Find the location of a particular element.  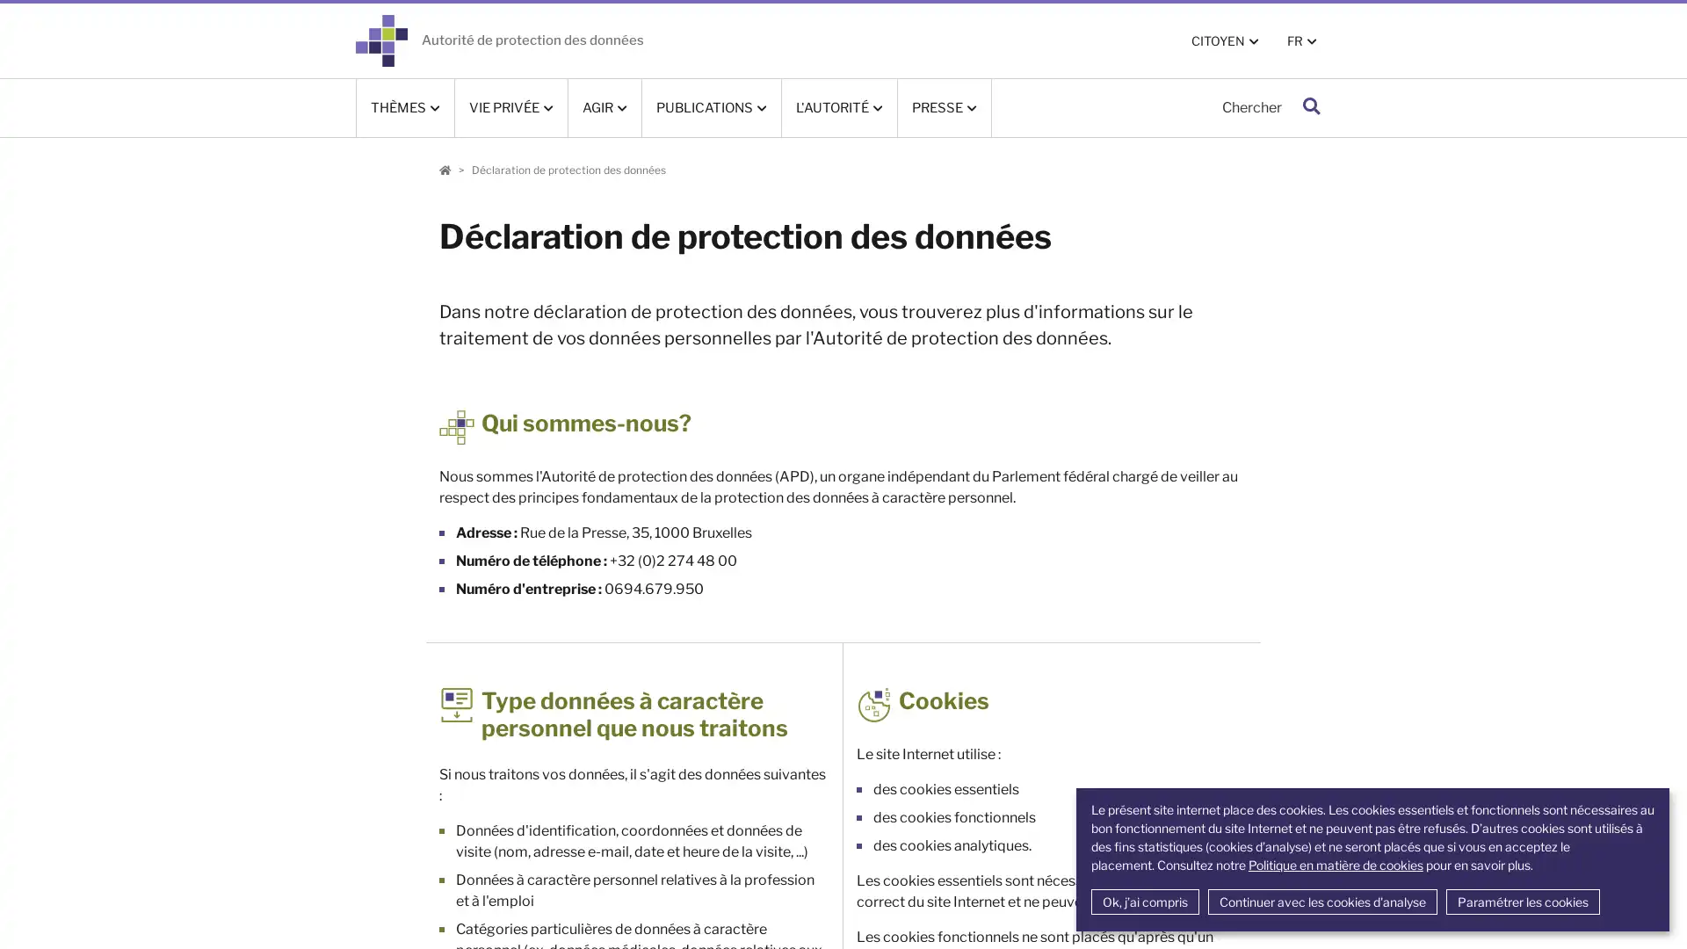

Rechercher is located at coordinates (1311, 107).